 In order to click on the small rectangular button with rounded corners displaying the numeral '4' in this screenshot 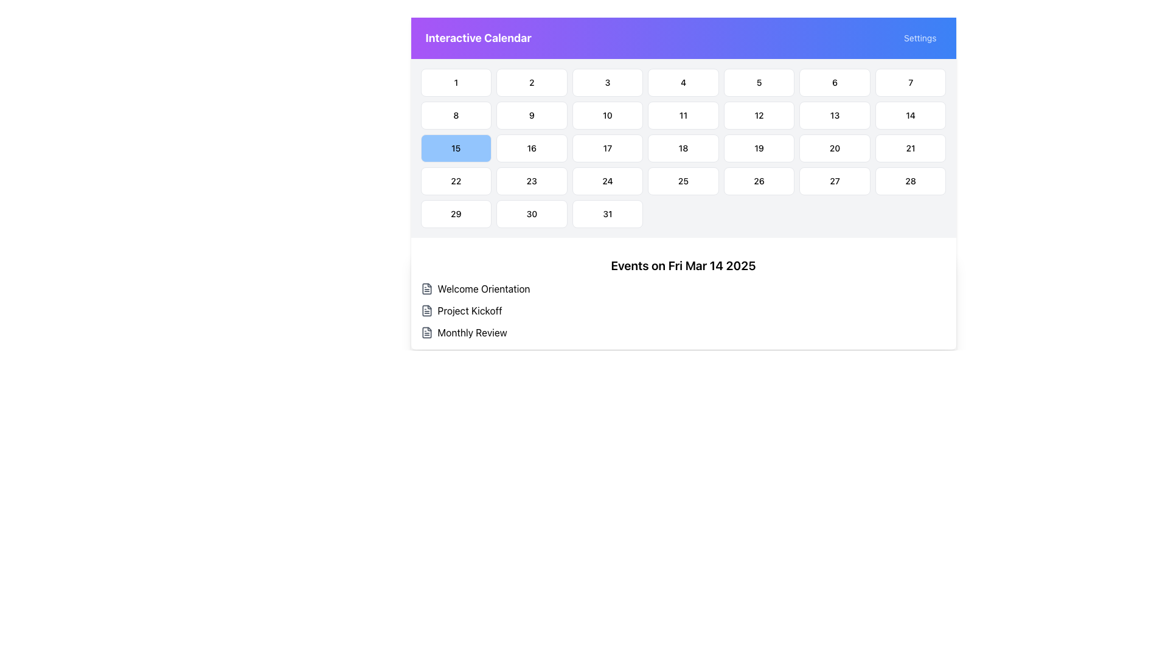, I will do `click(683, 82)`.